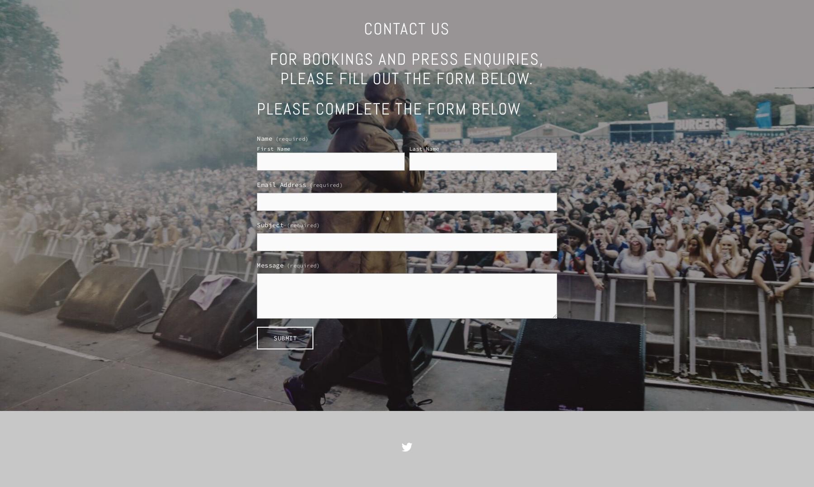 This screenshot has width=814, height=487. Describe the element at coordinates (273, 148) in the screenshot. I see `'First Name'` at that location.